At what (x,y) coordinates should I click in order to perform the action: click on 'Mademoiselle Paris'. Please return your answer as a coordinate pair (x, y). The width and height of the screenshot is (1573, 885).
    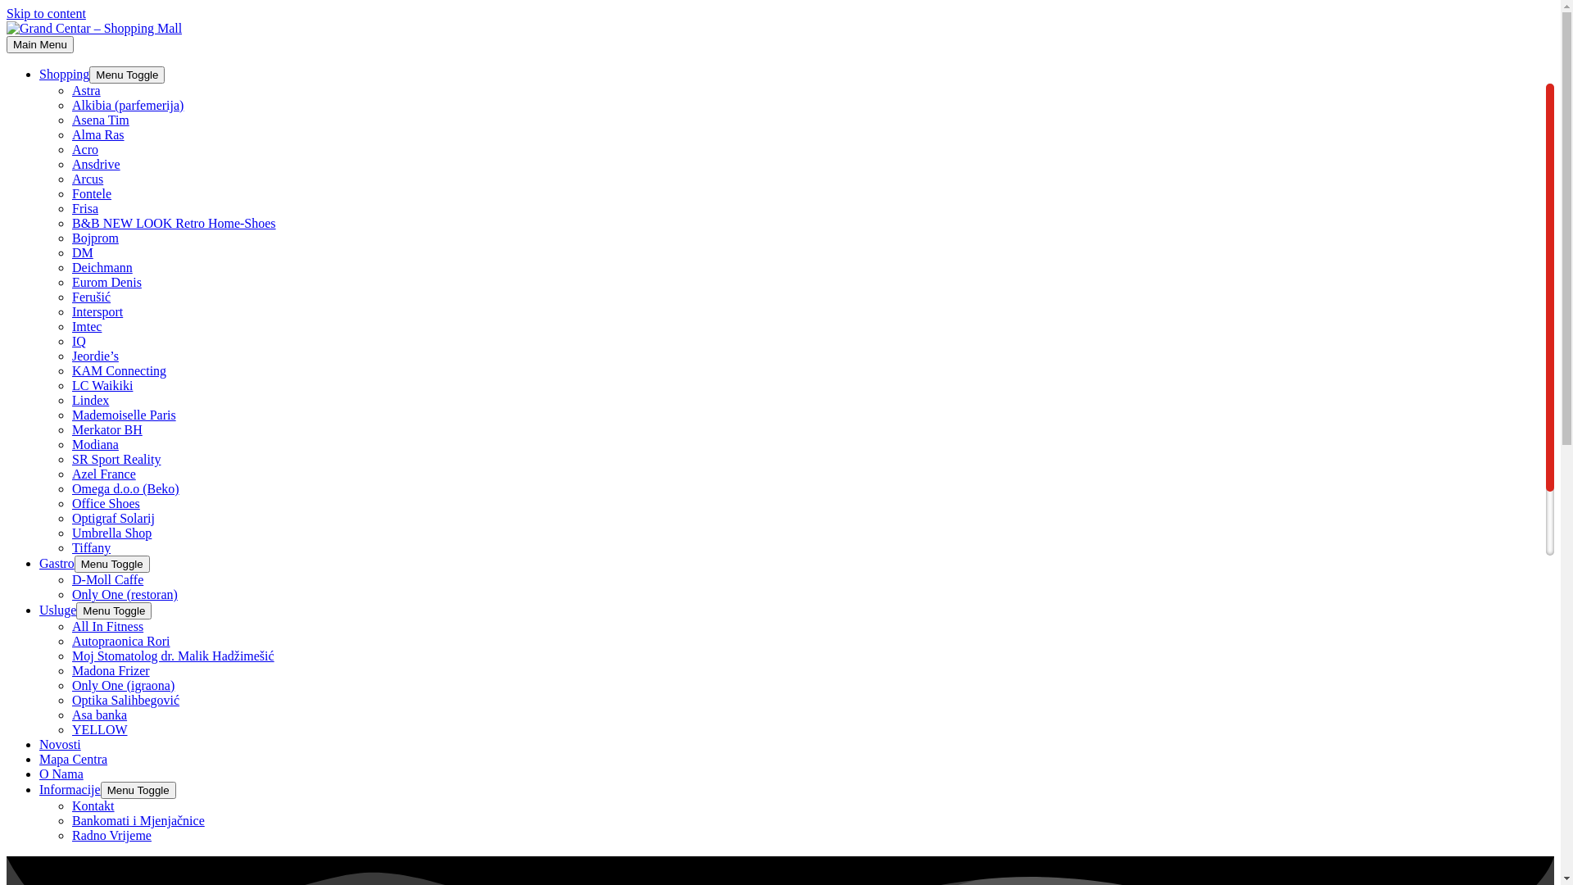
    Looking at the image, I should click on (123, 414).